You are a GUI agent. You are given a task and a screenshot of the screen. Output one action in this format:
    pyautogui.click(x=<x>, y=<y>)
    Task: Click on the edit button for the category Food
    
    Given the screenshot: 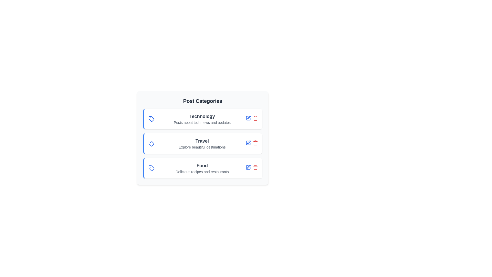 What is the action you would take?
    pyautogui.click(x=248, y=167)
    